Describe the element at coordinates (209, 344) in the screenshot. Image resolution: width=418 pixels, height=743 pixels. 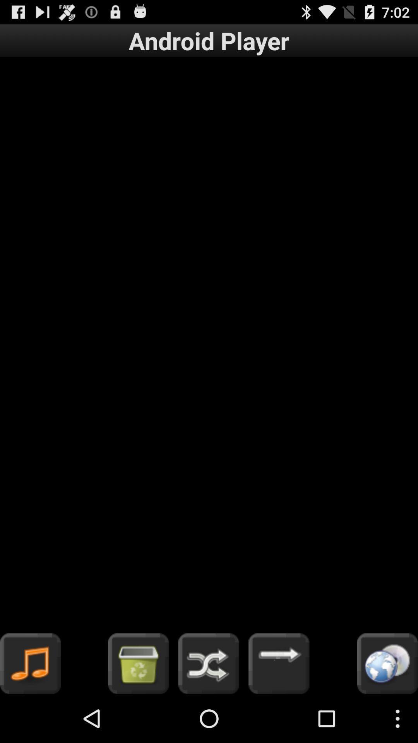
I see `icon below the android player item` at that location.